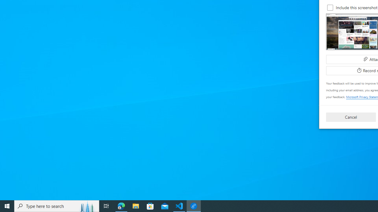  Describe the element at coordinates (106, 206) in the screenshot. I see `'Task View'` at that location.